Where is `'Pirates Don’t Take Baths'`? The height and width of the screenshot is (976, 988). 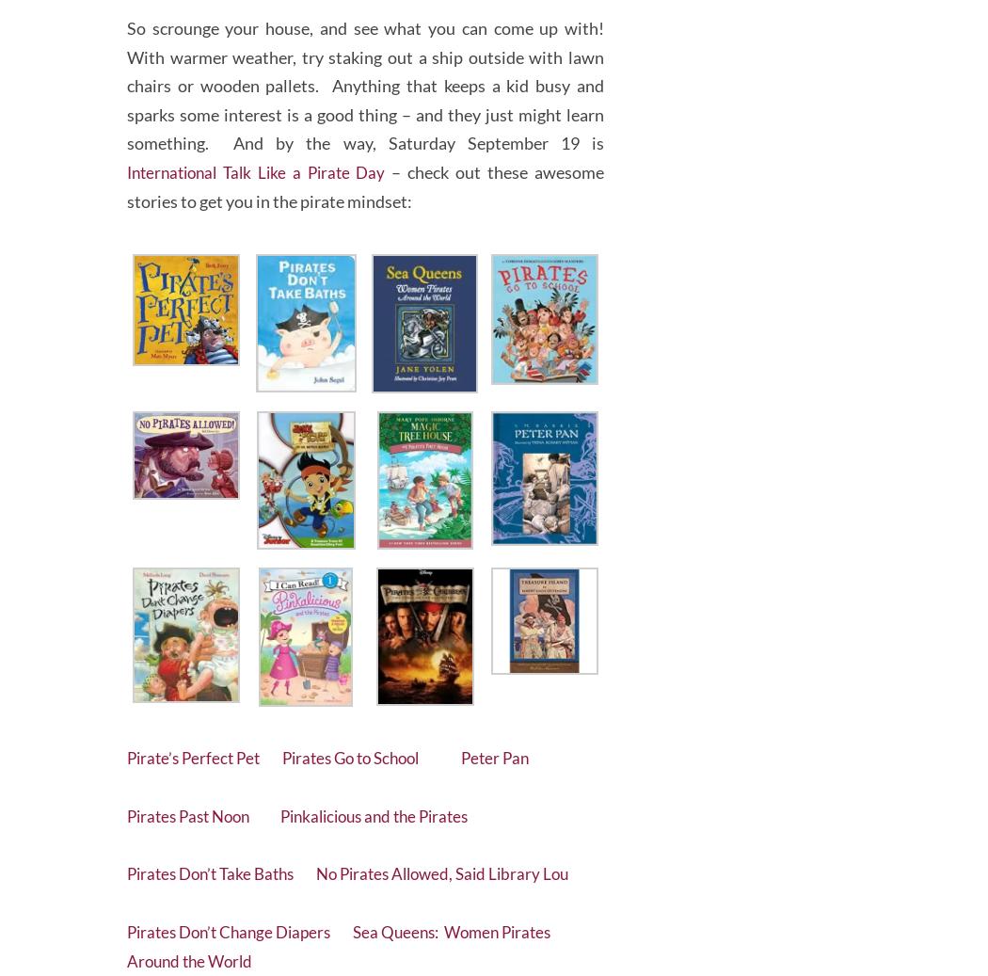
'Pirates Don’t Take Baths' is located at coordinates (228, 866).